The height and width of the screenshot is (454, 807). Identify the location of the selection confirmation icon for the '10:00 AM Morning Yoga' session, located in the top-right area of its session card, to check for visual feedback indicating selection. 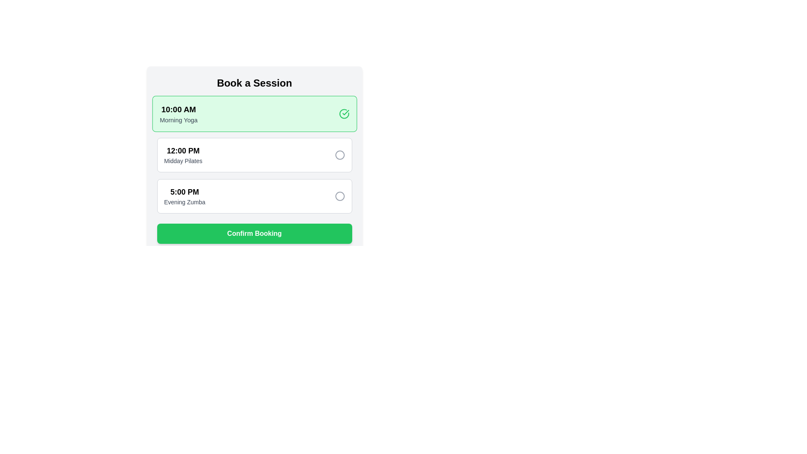
(344, 113).